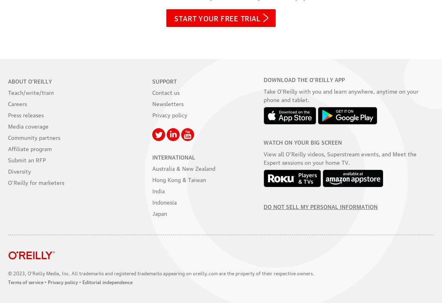 This screenshot has height=303, width=442. Describe the element at coordinates (36, 182) in the screenshot. I see `'O’Reilly for marketers'` at that location.